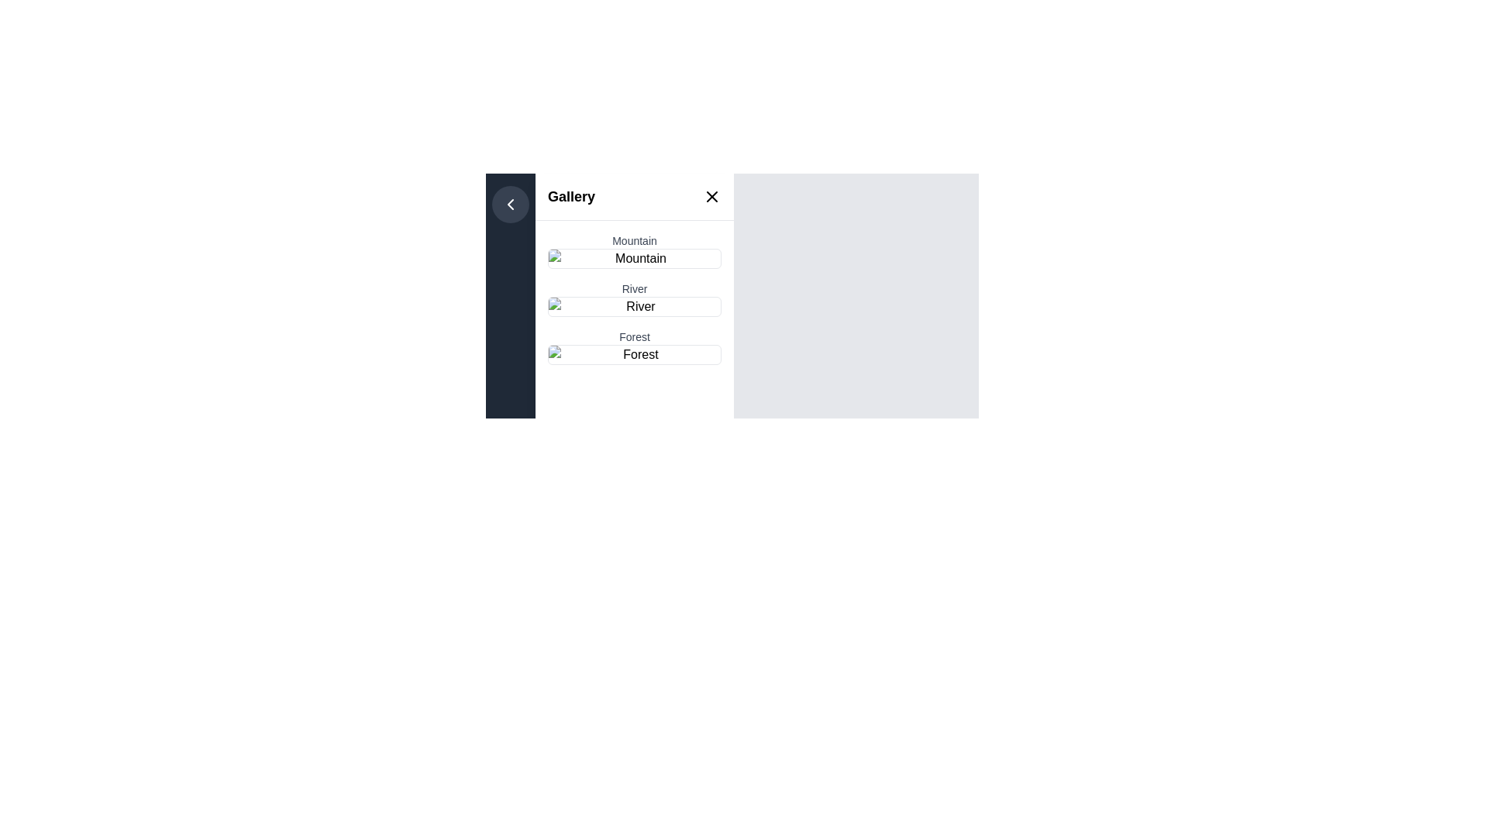 The height and width of the screenshot is (837, 1488). I want to click on the circular button with a dark grey background and a left-pointing arrow icon, so click(510, 203).